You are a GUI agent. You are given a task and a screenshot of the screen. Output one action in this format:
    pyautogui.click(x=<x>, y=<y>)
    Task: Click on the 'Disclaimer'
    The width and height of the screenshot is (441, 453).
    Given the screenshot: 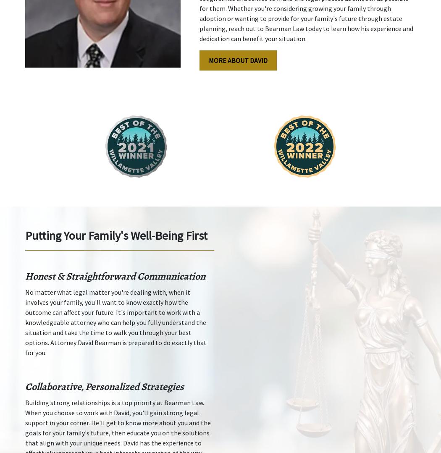 What is the action you would take?
    pyautogui.click(x=272, y=356)
    